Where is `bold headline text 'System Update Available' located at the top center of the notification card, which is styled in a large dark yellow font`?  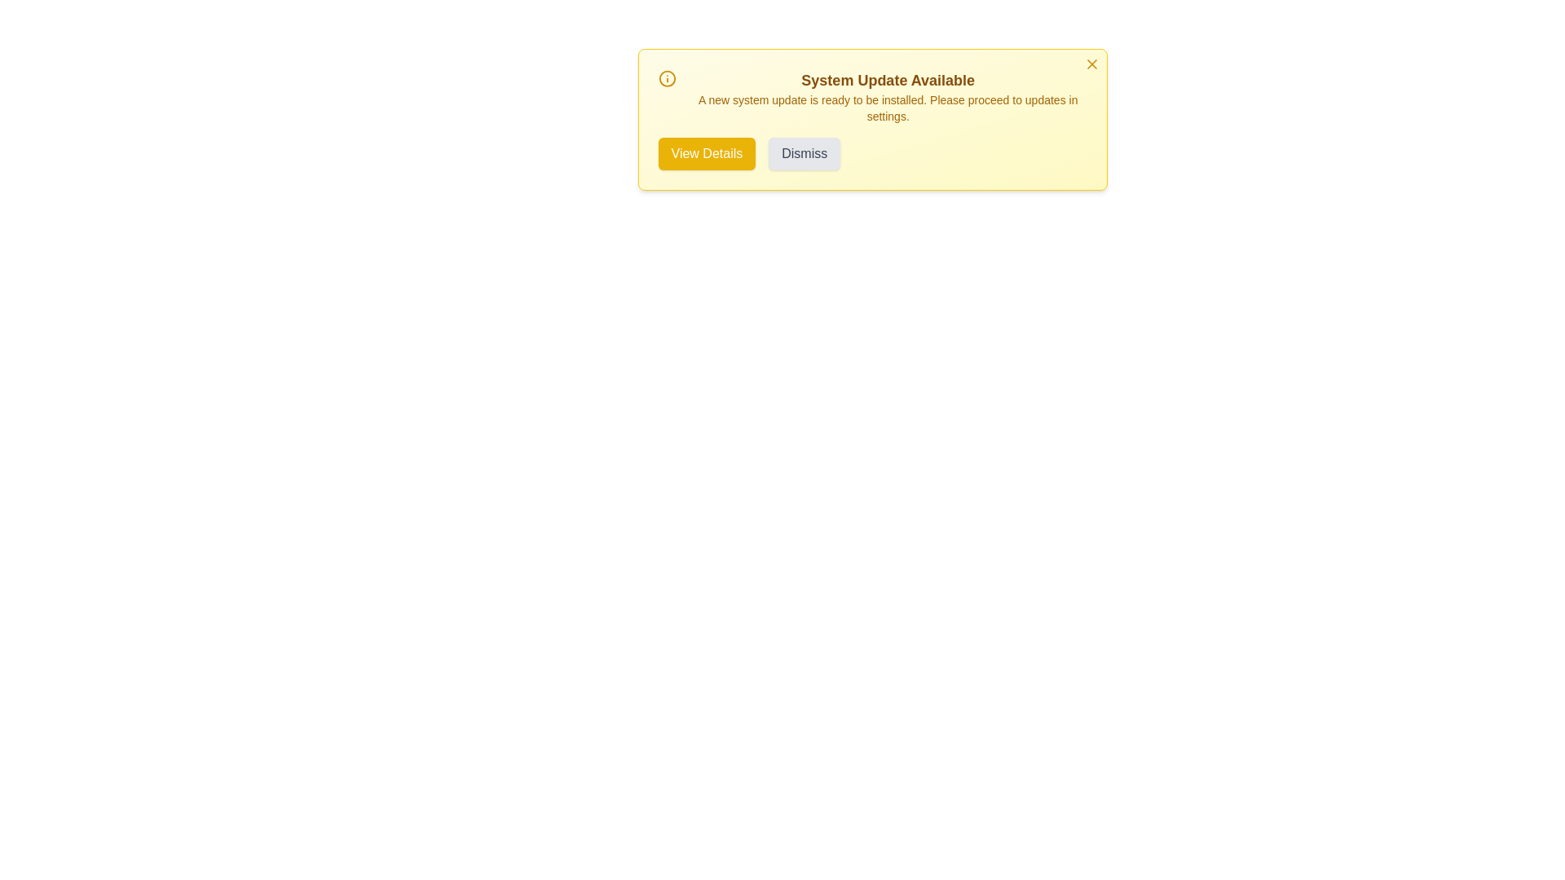 bold headline text 'System Update Available' located at the top center of the notification card, which is styled in a large dark yellow font is located at coordinates (887, 81).